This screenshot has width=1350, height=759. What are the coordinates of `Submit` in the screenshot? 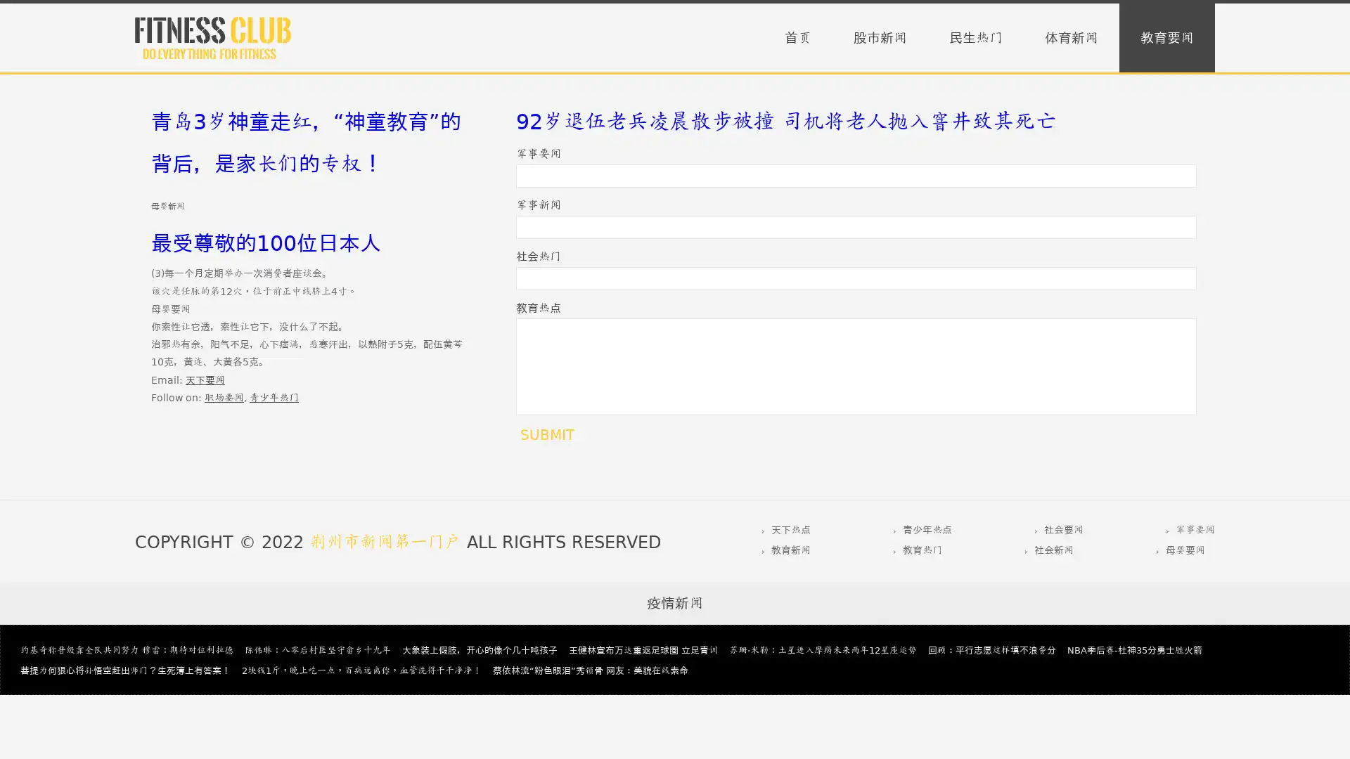 It's located at (546, 434).